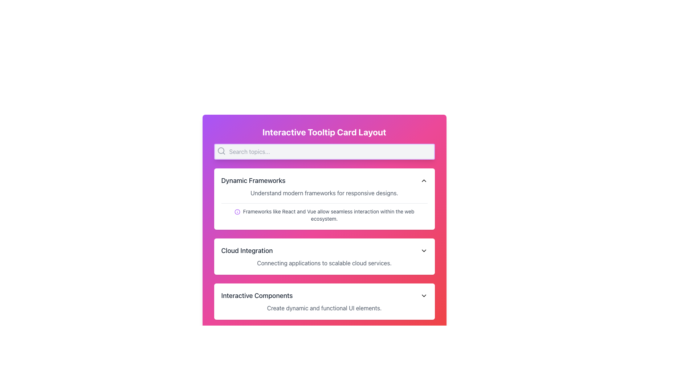 This screenshot has width=697, height=392. I want to click on the chevron icon located at the top-right corner of the 'Dynamic Frameworks' section header, so click(424, 180).